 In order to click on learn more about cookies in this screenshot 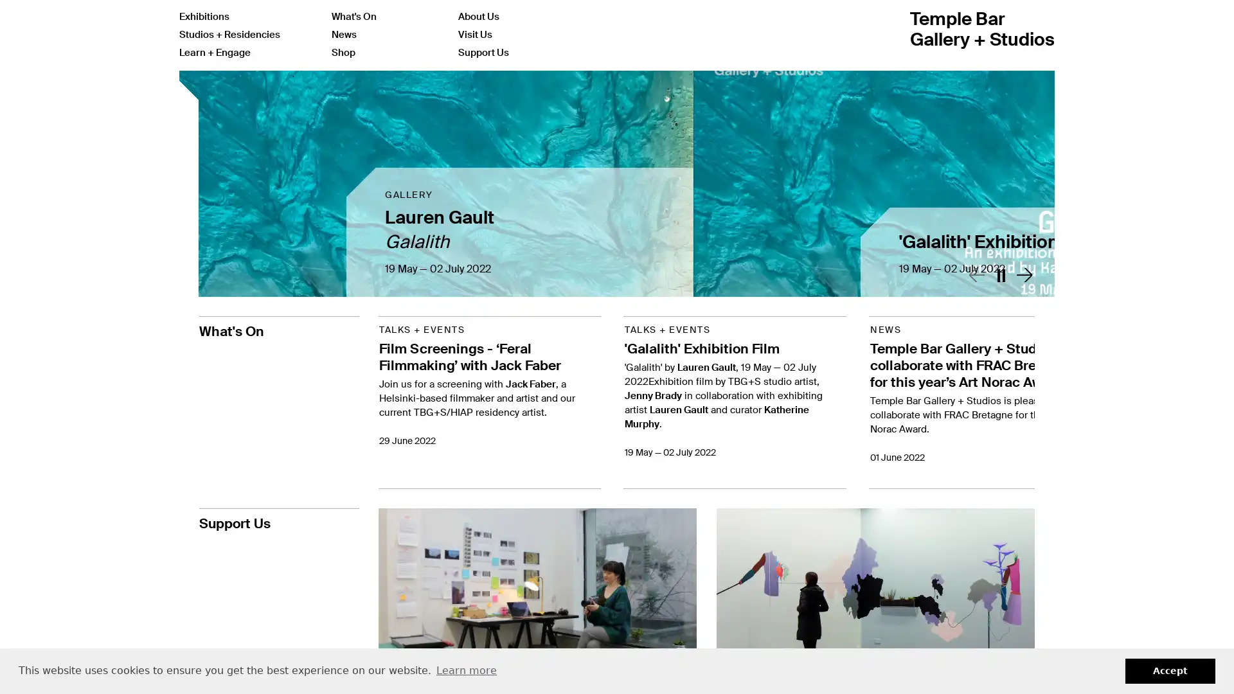, I will do `click(465, 670)`.